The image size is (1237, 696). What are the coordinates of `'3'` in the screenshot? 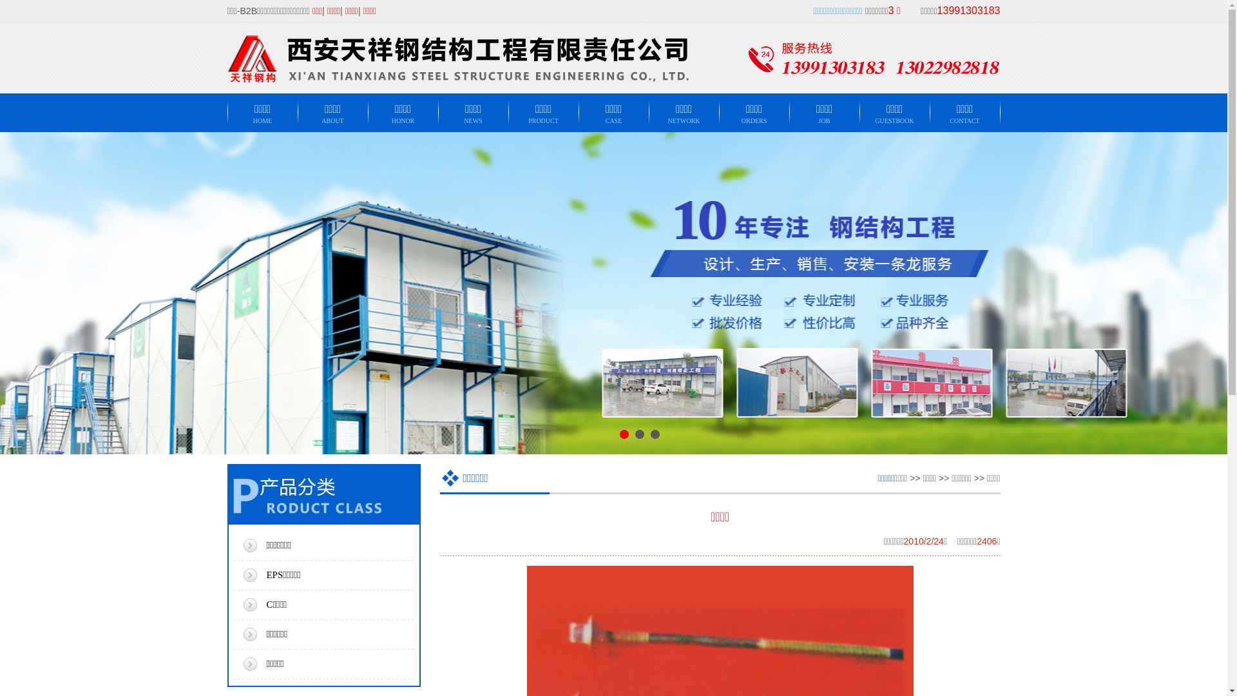 It's located at (650, 434).